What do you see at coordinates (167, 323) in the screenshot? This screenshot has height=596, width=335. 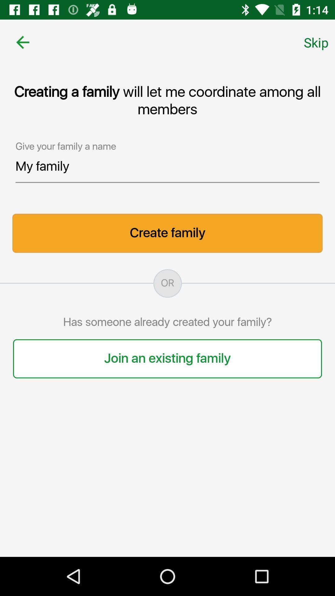 I see `the has someone already item` at bounding box center [167, 323].